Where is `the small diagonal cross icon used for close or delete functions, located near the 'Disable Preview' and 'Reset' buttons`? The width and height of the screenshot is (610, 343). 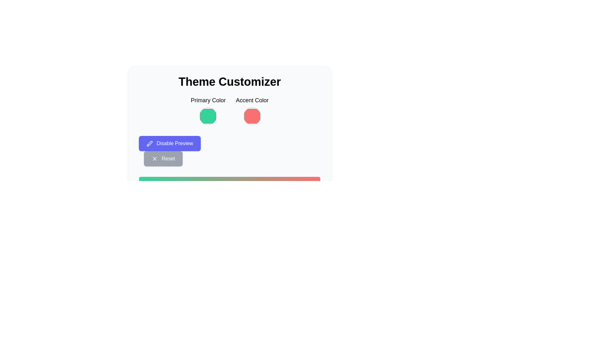
the small diagonal cross icon used for close or delete functions, located near the 'Disable Preview' and 'Reset' buttons is located at coordinates (154, 158).